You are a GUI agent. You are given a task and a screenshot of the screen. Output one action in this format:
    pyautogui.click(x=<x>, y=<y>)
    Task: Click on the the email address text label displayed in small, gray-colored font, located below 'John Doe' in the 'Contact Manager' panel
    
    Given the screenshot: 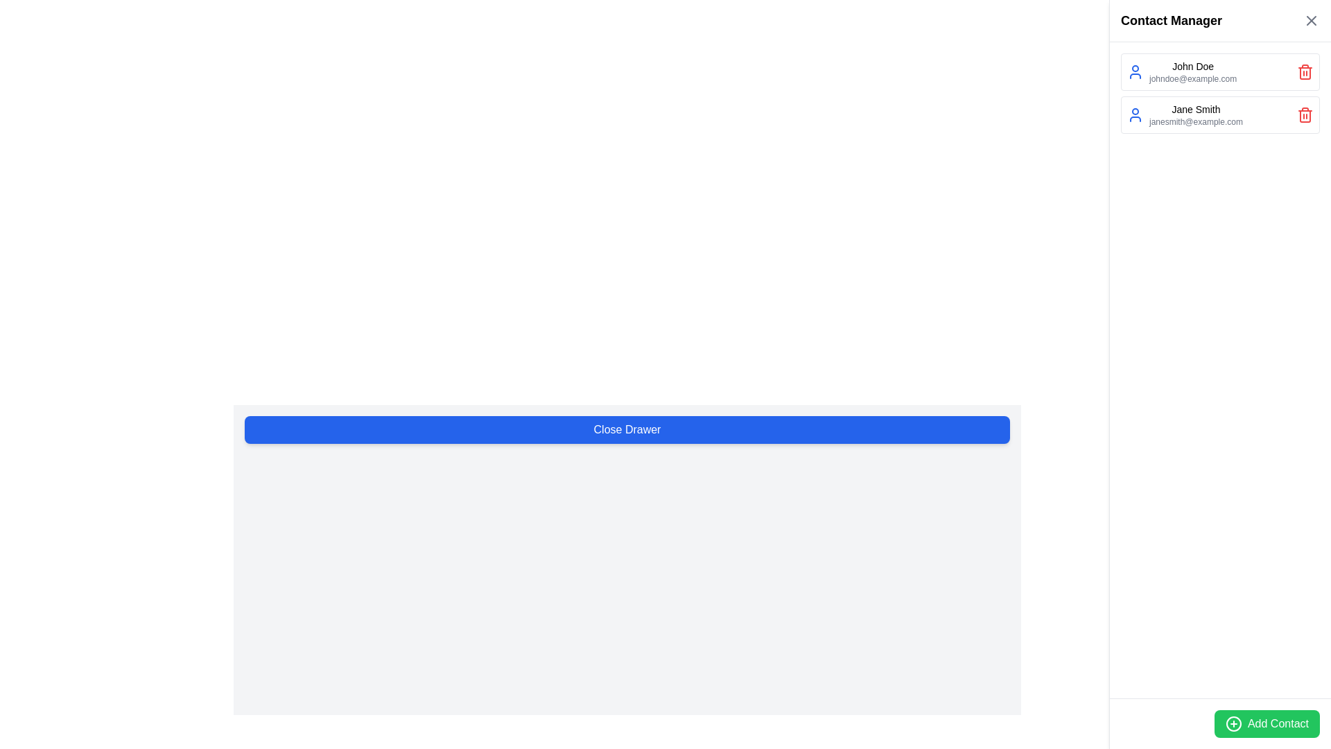 What is the action you would take?
    pyautogui.click(x=1192, y=79)
    